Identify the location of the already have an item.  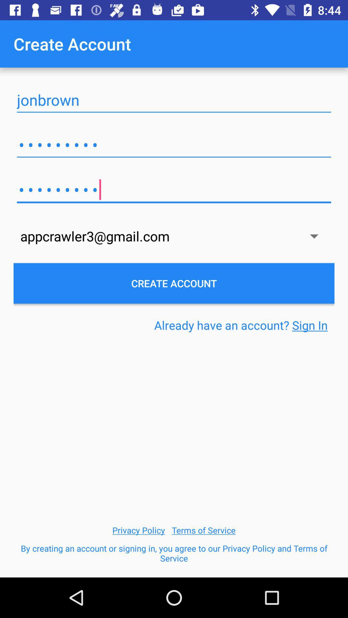
(241, 325).